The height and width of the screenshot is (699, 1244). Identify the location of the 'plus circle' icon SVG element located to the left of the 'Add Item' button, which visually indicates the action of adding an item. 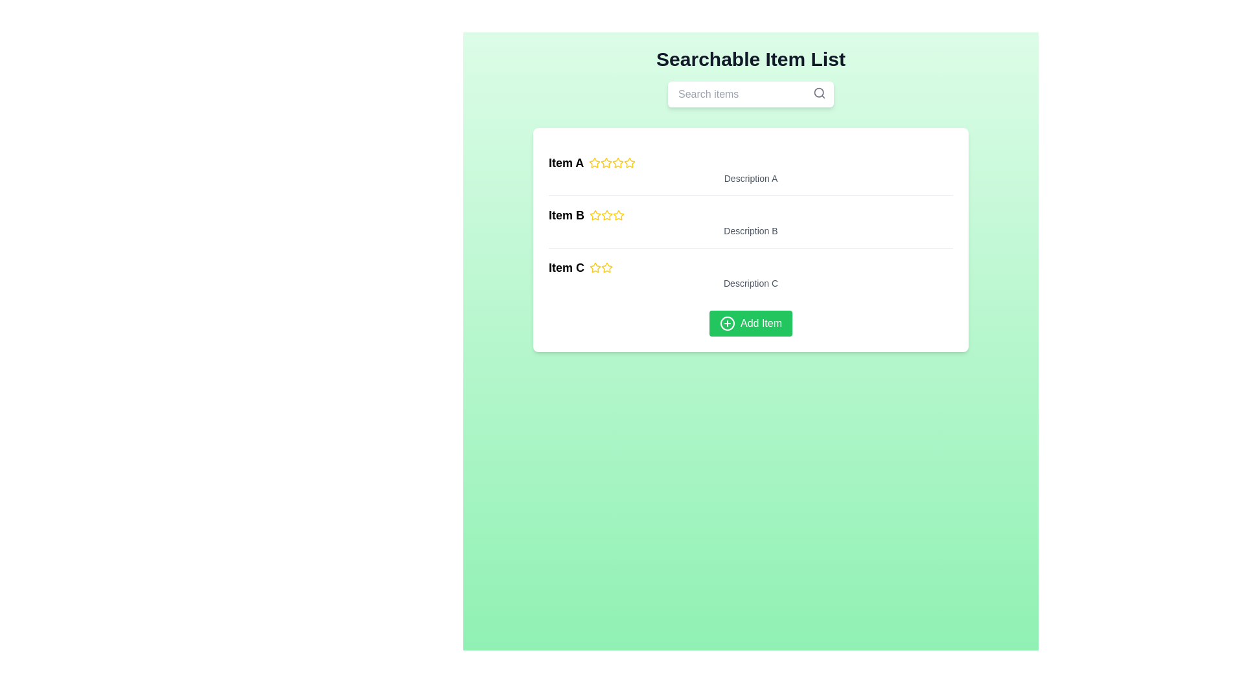
(728, 323).